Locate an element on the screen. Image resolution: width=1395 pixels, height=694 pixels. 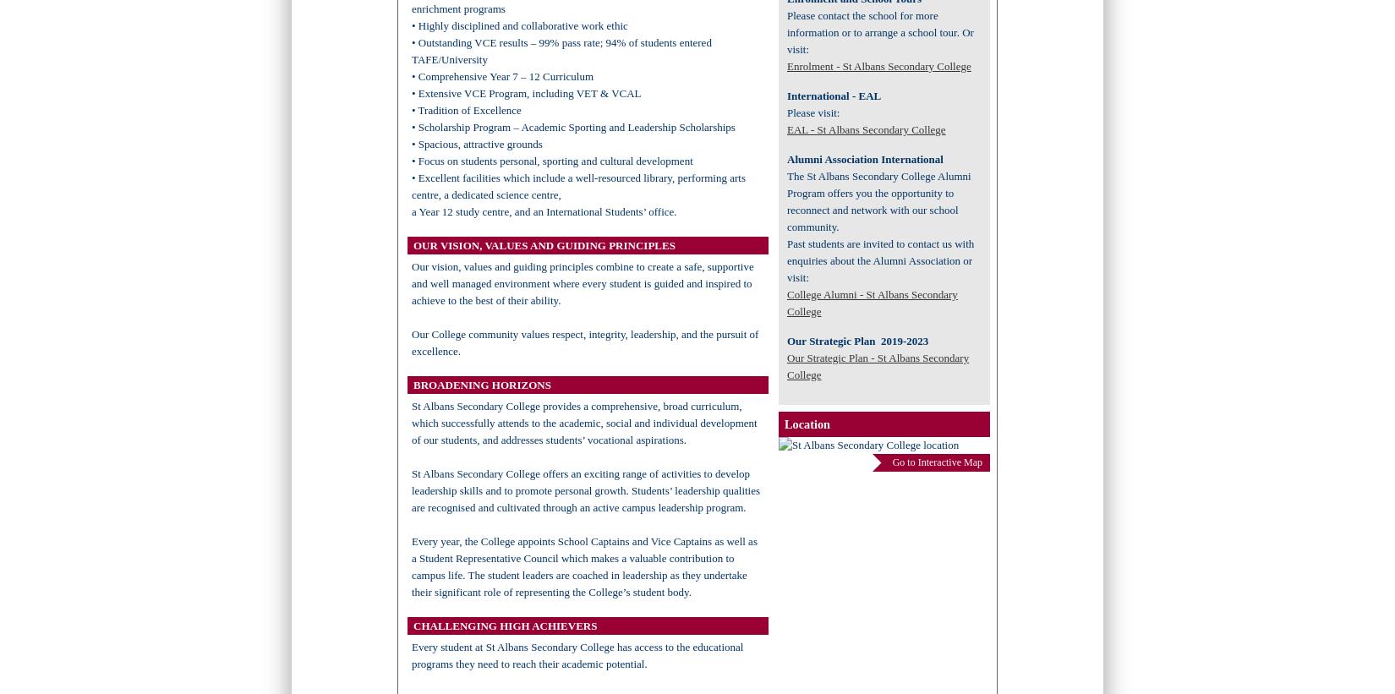
'a Year 12 study centre, and an International Students’ office.' is located at coordinates (543, 211).